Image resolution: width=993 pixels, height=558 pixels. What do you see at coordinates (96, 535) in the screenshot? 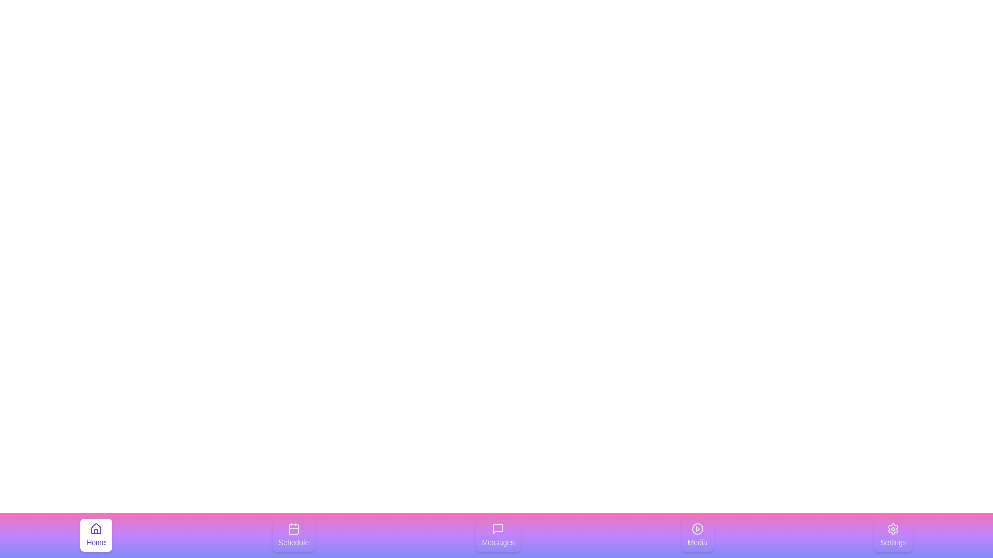
I see `the Home tab to observe the animation` at bounding box center [96, 535].